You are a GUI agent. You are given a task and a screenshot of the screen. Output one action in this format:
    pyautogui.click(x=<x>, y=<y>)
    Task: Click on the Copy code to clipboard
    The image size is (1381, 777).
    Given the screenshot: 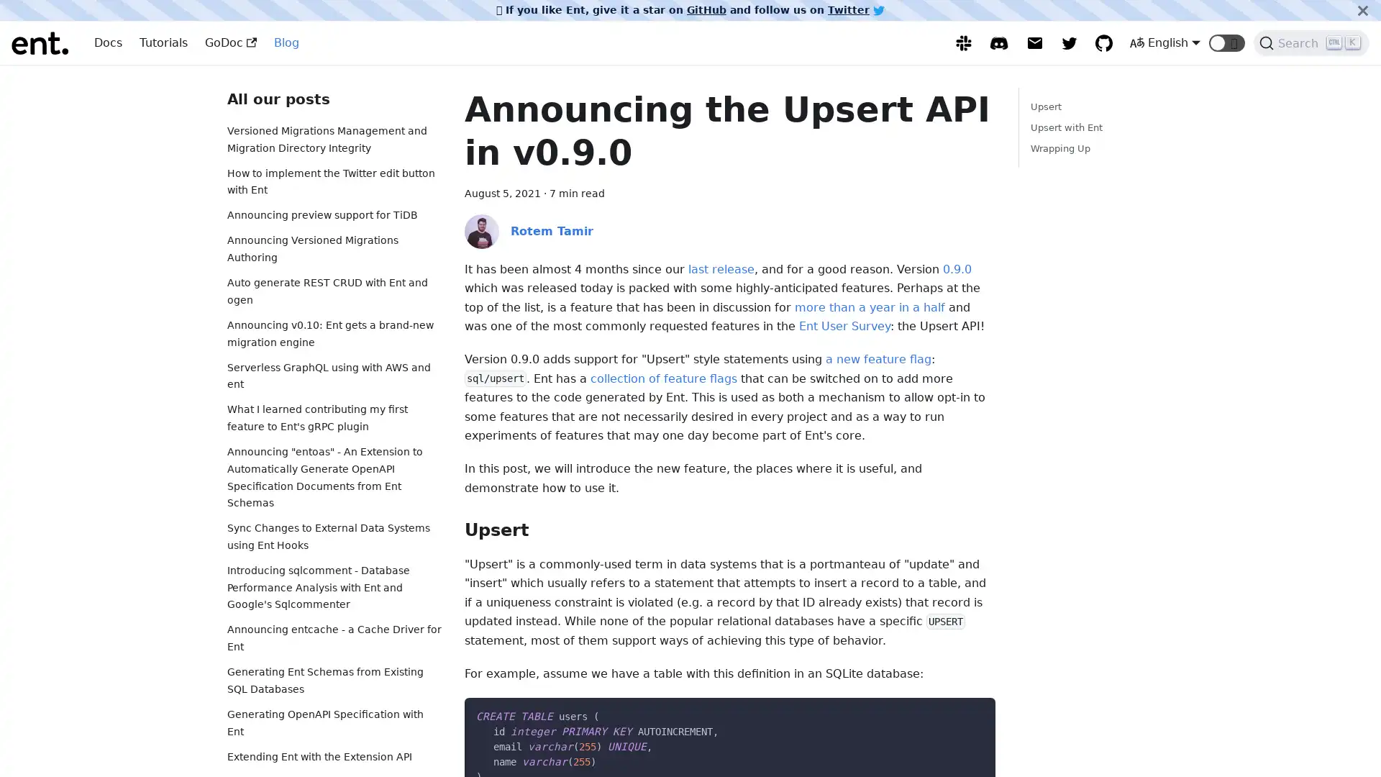 What is the action you would take?
    pyautogui.click(x=971, y=713)
    